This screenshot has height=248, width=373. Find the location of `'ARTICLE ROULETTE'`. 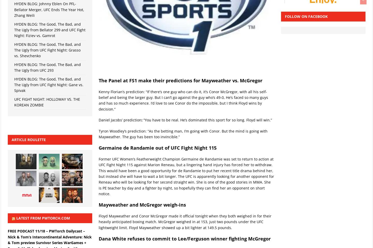

'ARTICLE ROULETTE' is located at coordinates (28, 139).